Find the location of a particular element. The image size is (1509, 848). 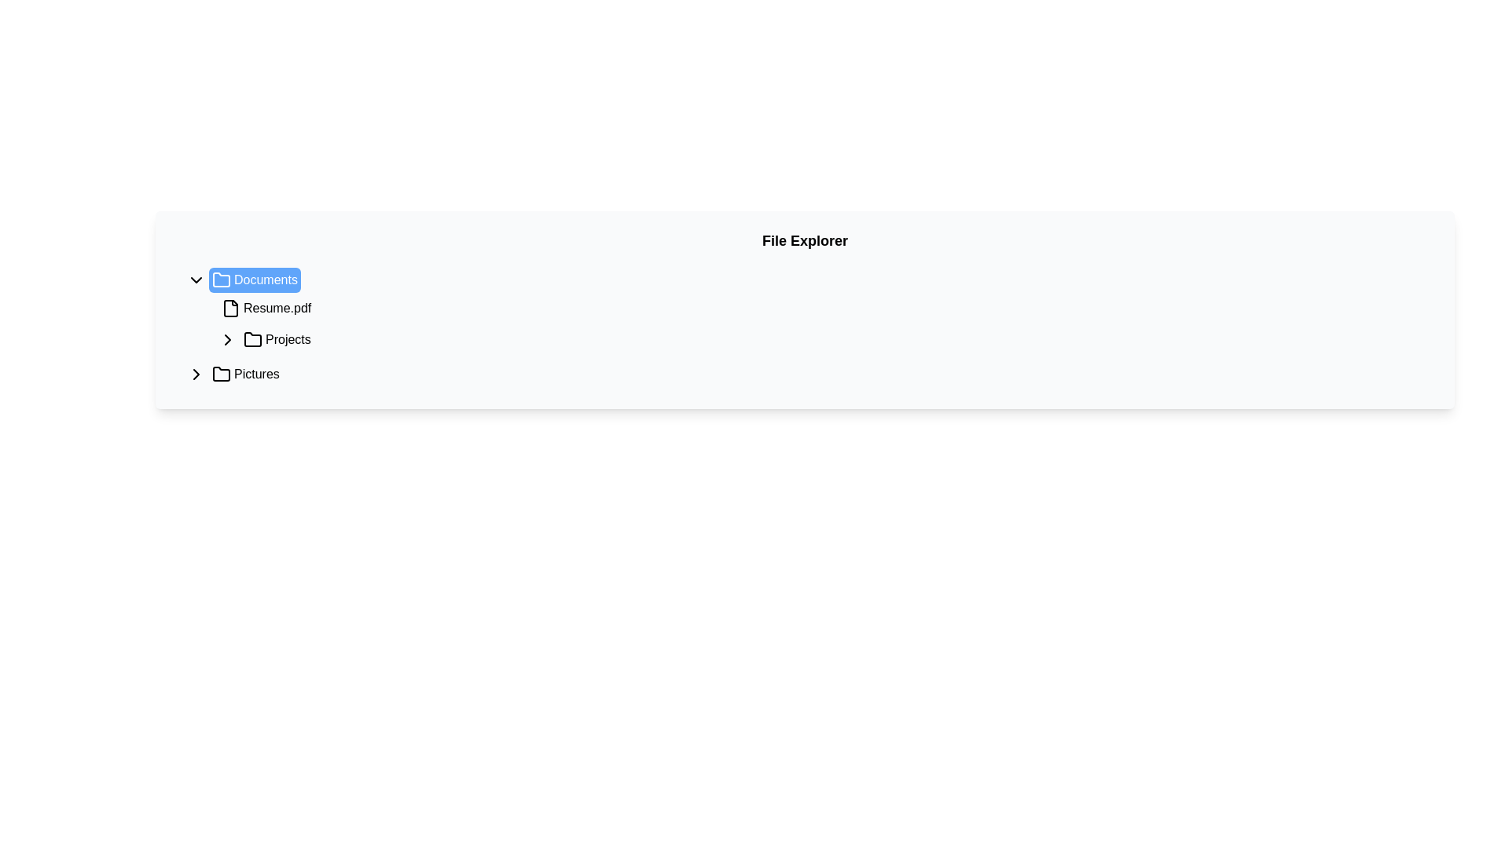

the blue folder icon located near the top-left edge of the interface is located at coordinates (221, 279).